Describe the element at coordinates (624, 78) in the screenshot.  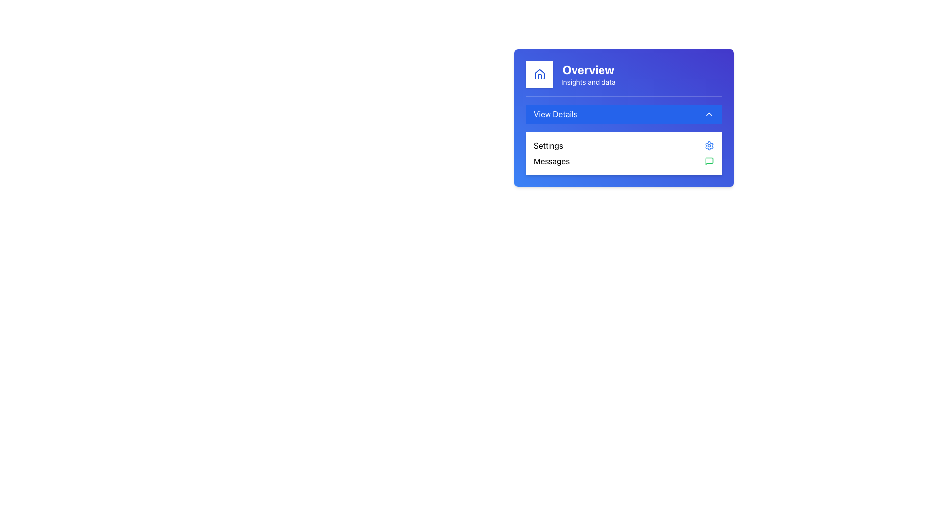
I see `the Text and icon group element` at that location.